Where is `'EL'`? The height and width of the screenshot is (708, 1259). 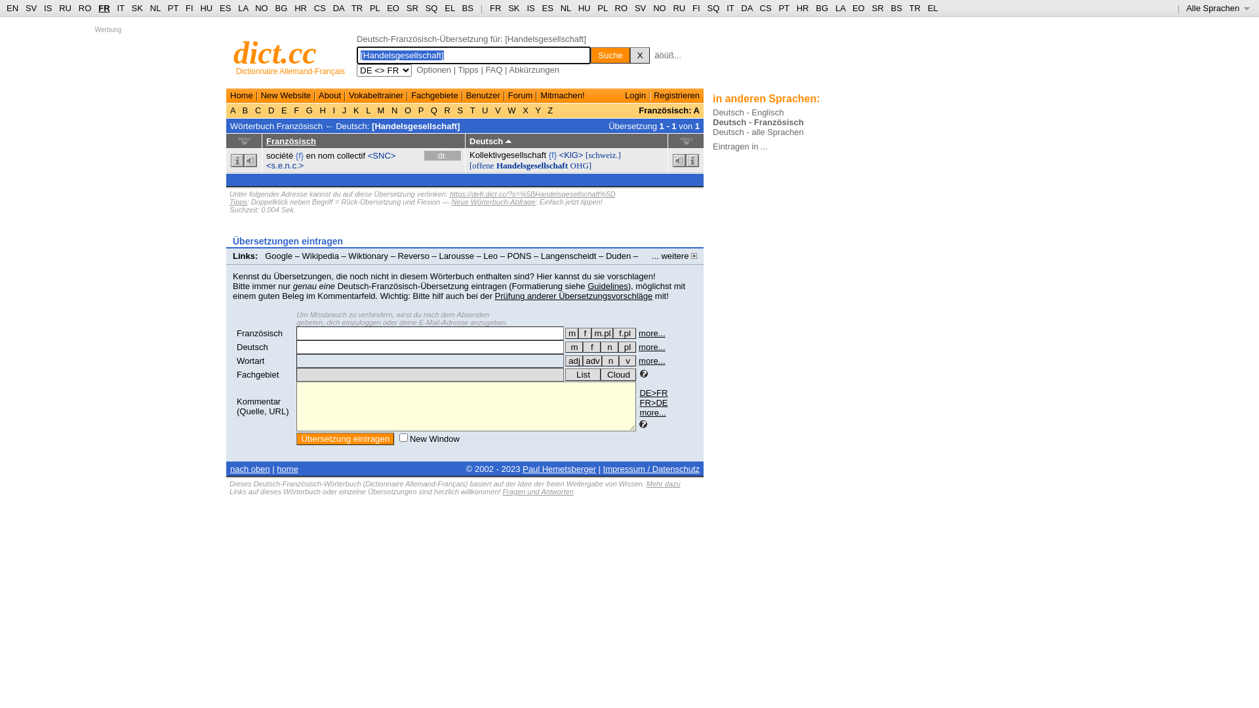 'EL' is located at coordinates (449, 8).